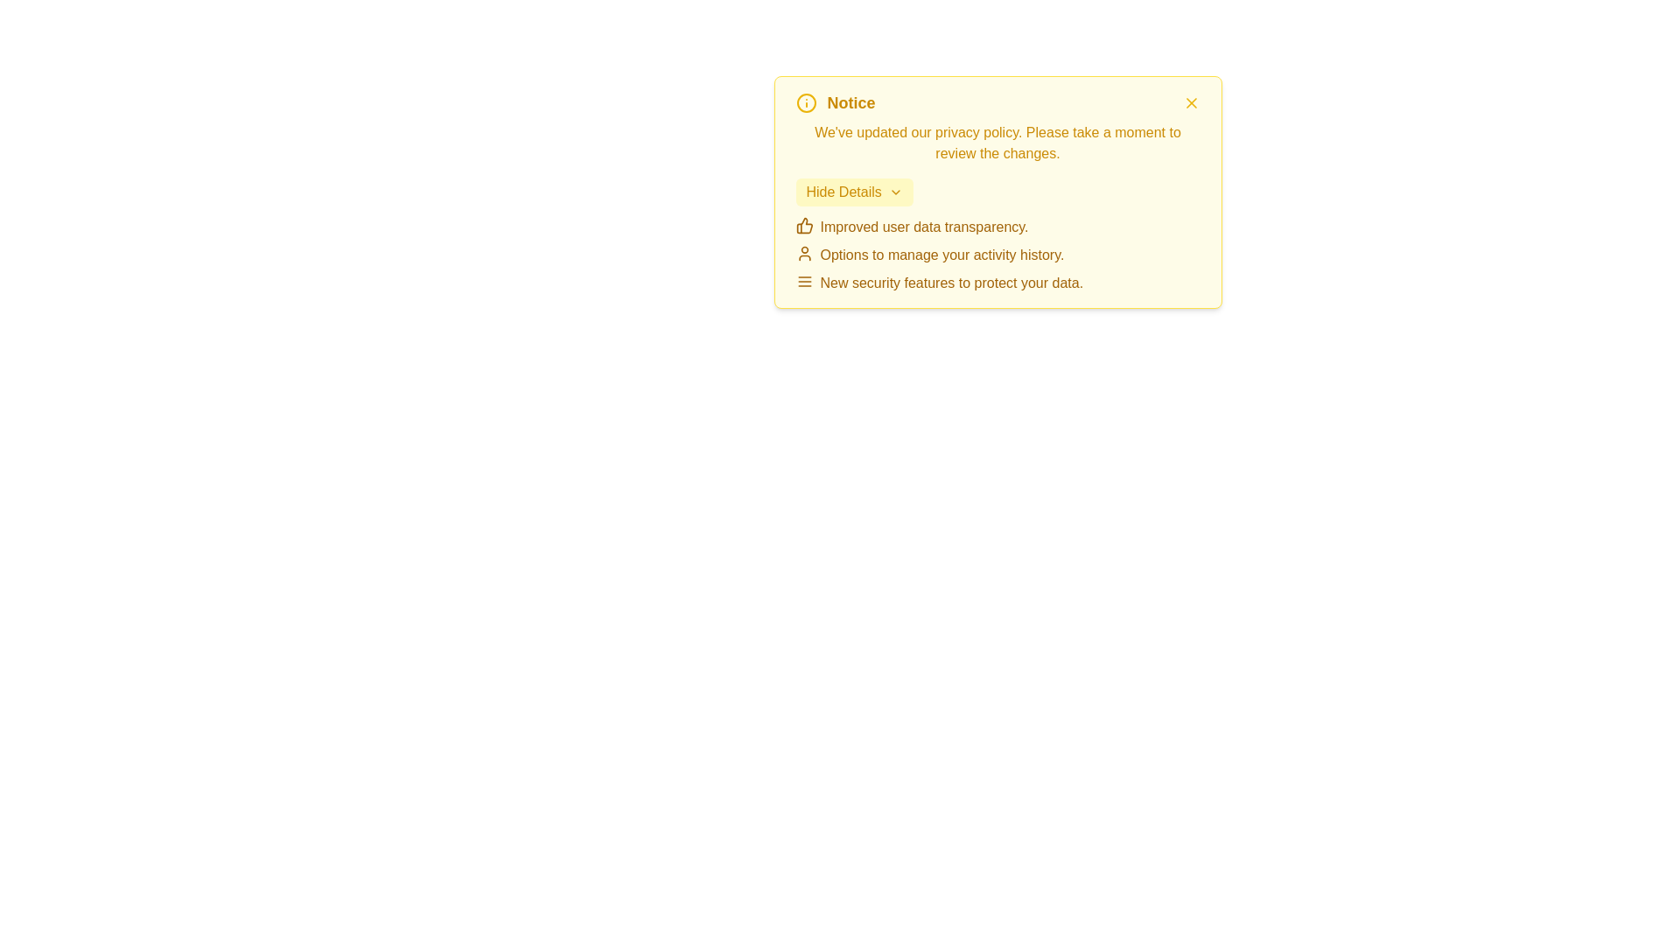 The image size is (1680, 945). What do you see at coordinates (997, 283) in the screenshot?
I see `the informational text stating 'New security features to protect your data' by moving the cursor to its center point for reading` at bounding box center [997, 283].